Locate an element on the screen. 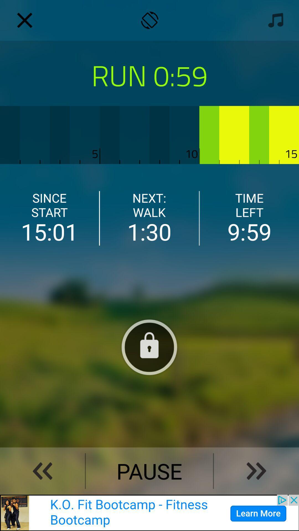 This screenshot has height=531, width=299. the advertisement is located at coordinates (149, 512).